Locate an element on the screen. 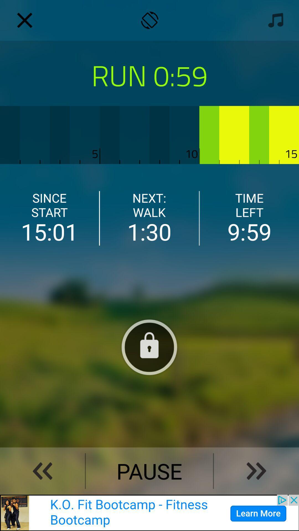 This screenshot has height=531, width=299. the advertisement is located at coordinates (149, 512).